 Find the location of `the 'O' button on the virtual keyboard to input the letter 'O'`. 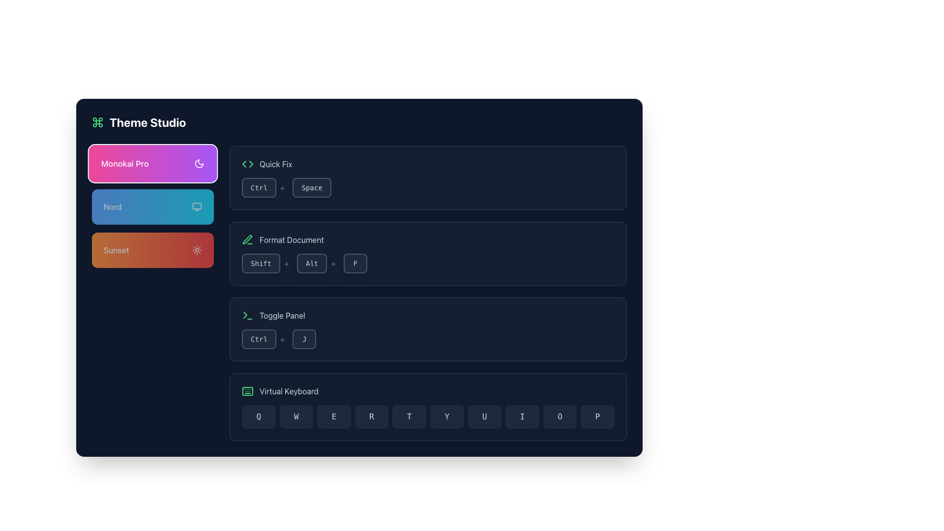

the 'O' button on the virtual keyboard to input the letter 'O' is located at coordinates (560, 417).